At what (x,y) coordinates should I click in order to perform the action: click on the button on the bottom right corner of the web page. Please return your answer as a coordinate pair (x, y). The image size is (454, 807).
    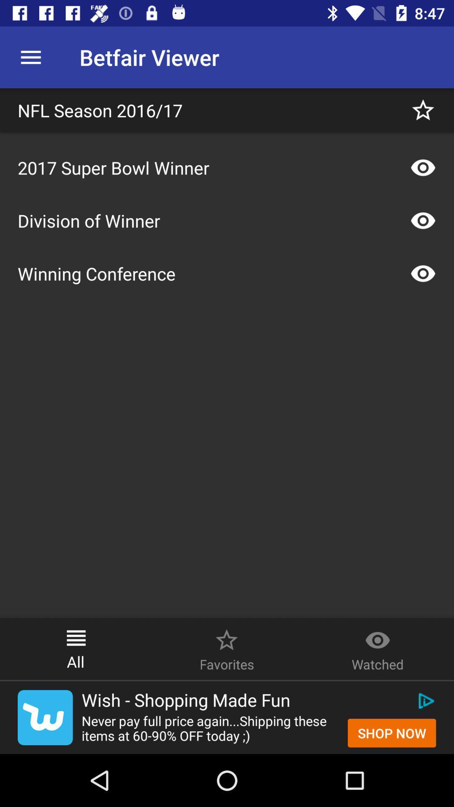
    Looking at the image, I should click on (392, 732).